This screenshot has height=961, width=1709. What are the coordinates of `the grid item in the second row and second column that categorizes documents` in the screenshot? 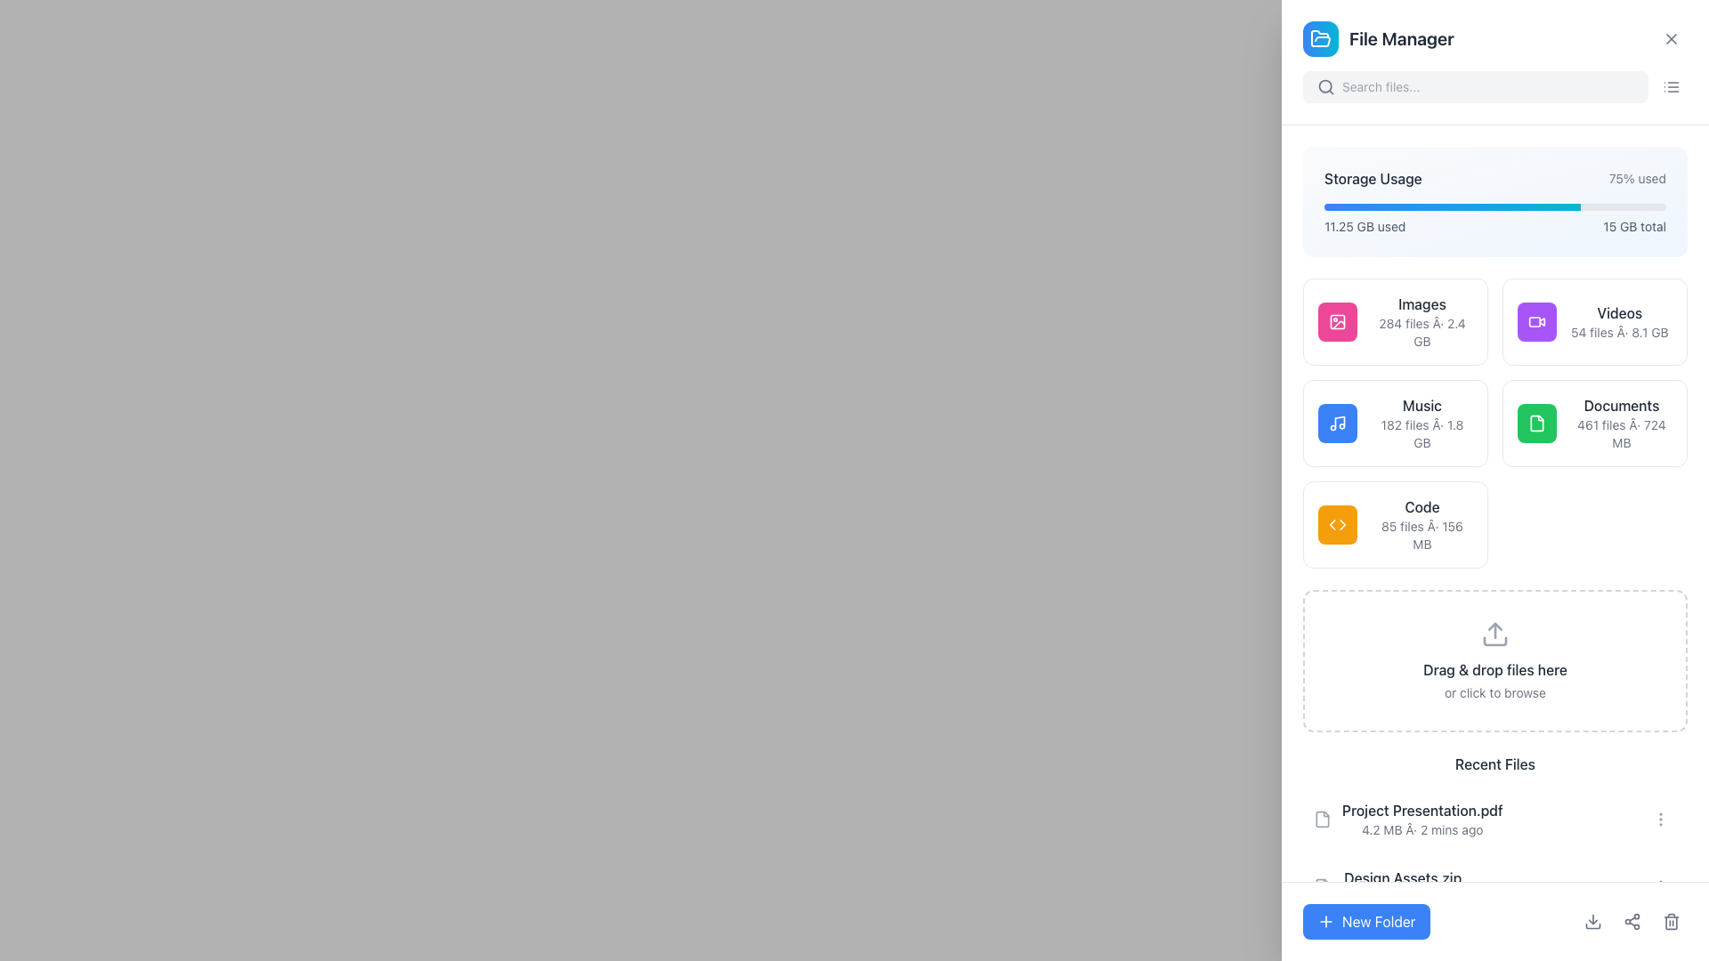 It's located at (1495, 423).